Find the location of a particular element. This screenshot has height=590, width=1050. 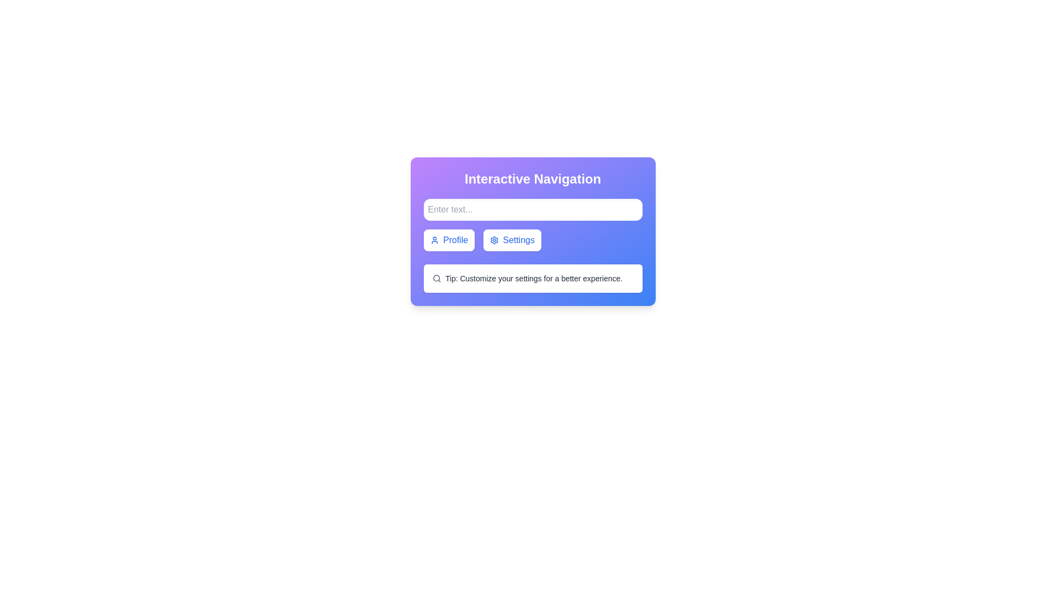

the settings icon located to the left of the 'Settings' text, which is part of the button for accessing settings functionalities in the navigation box is located at coordinates (493, 239).